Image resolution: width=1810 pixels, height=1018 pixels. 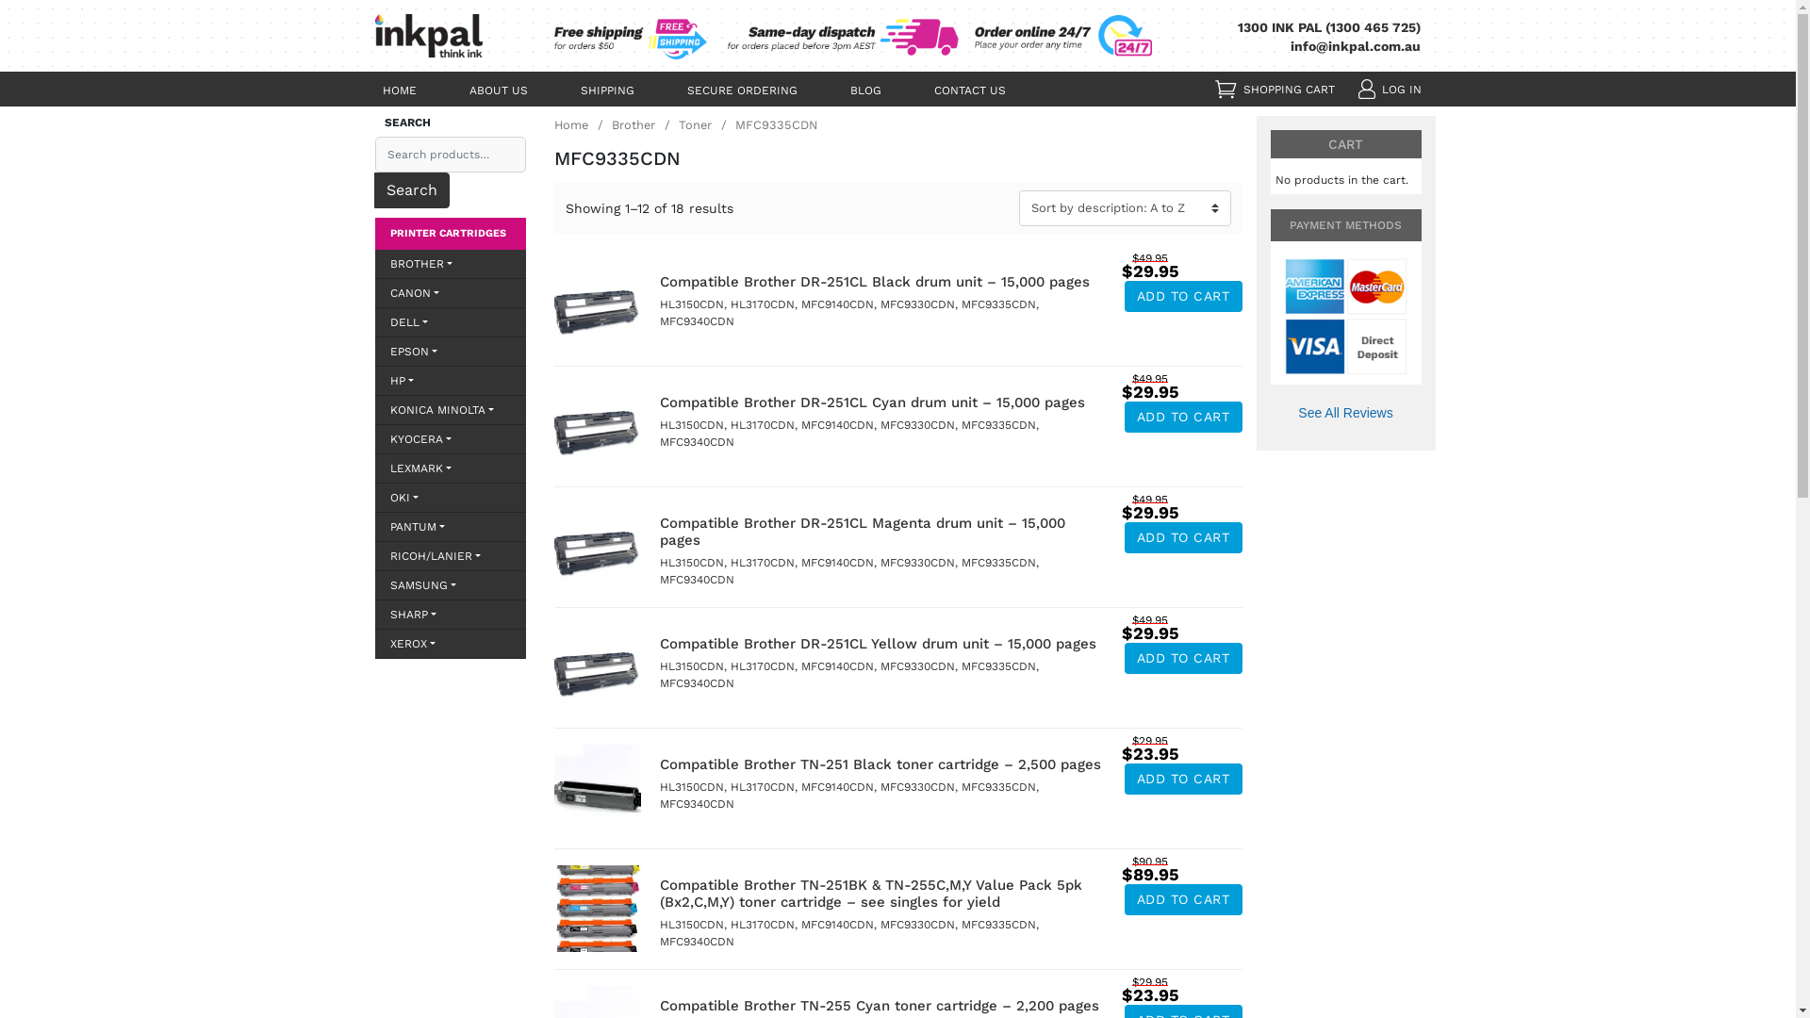 What do you see at coordinates (1402, 90) in the screenshot?
I see `'LOG IN'` at bounding box center [1402, 90].